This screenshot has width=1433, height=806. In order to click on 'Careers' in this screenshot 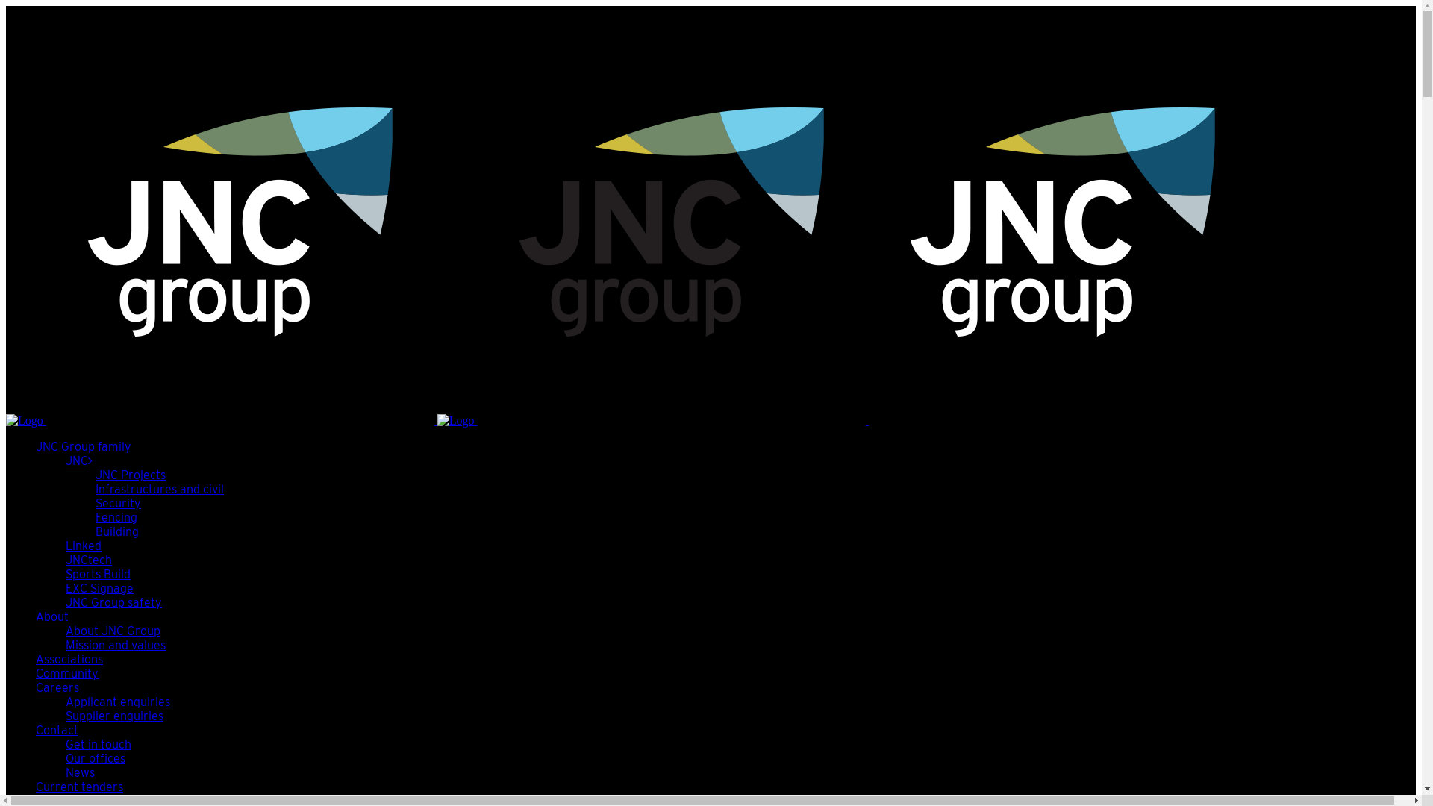, I will do `click(57, 687)`.